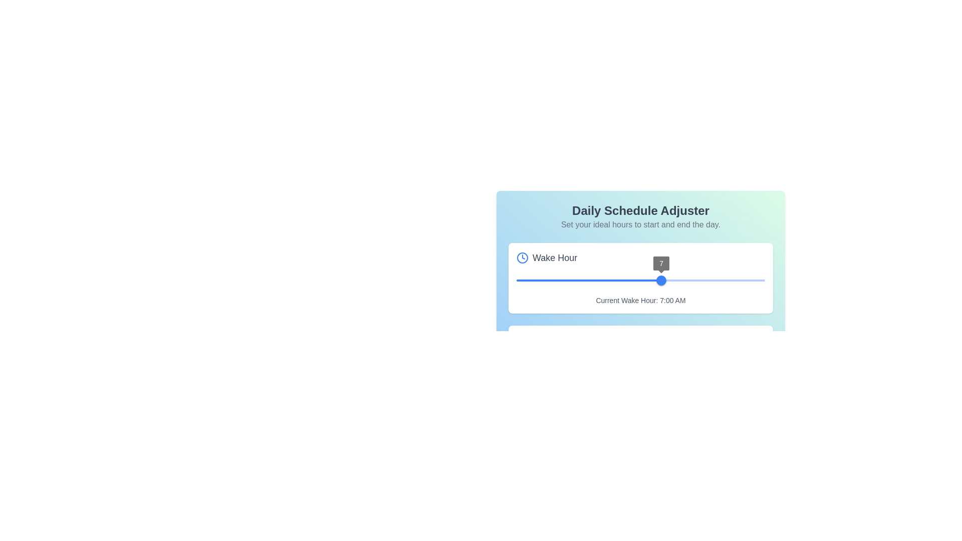 The height and width of the screenshot is (541, 962). Describe the element at coordinates (640, 363) in the screenshot. I see `the thumb of the blue slider widget displaying the value '7'` at that location.